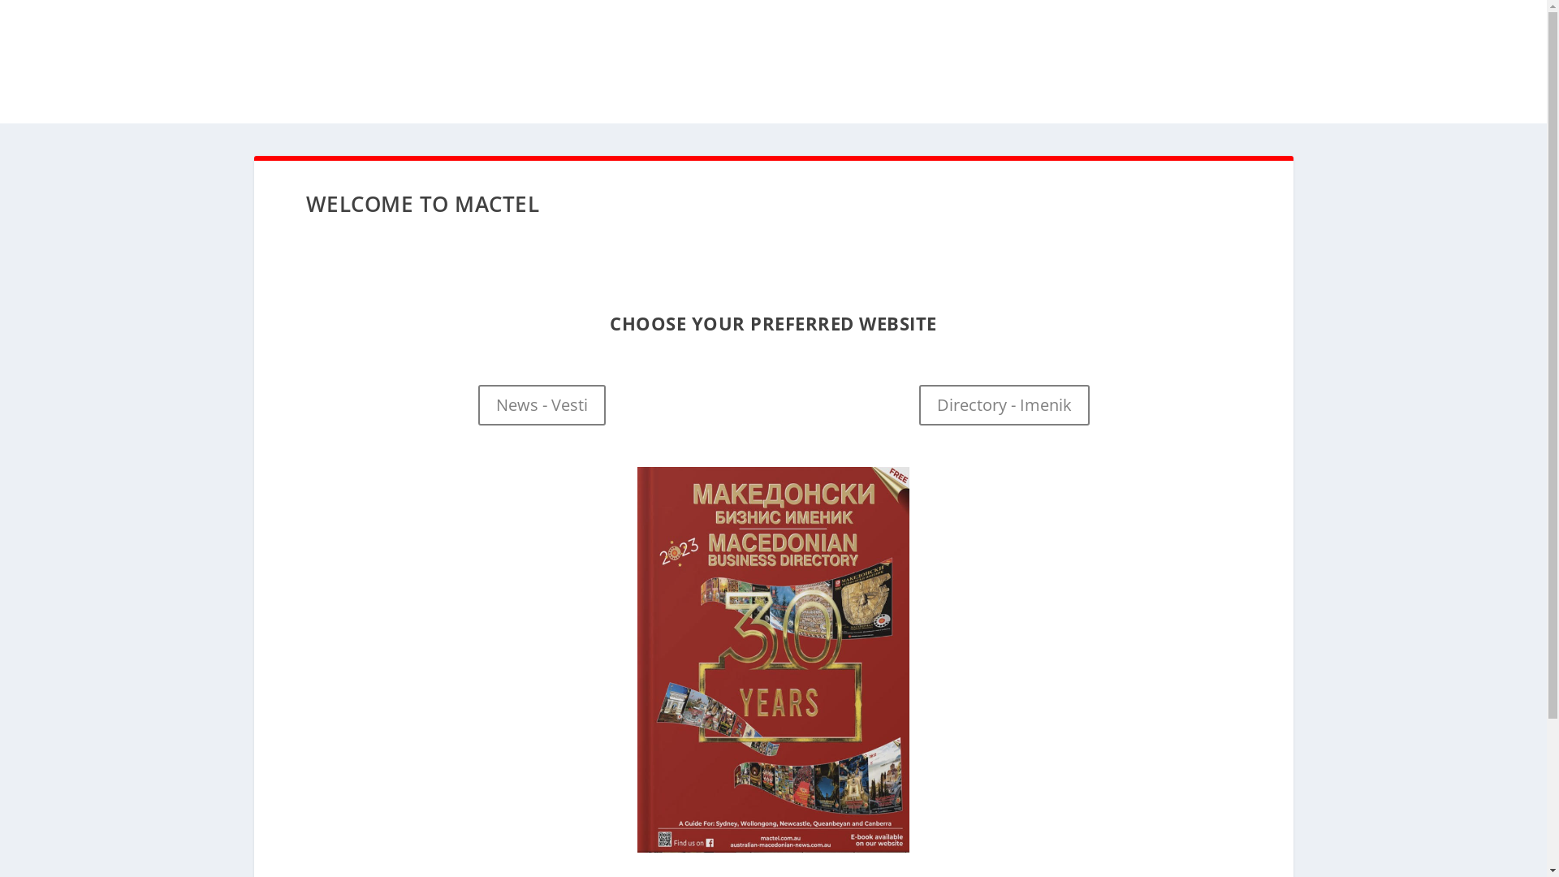 The image size is (1559, 877). What do you see at coordinates (542, 404) in the screenshot?
I see `'News - Vesti'` at bounding box center [542, 404].